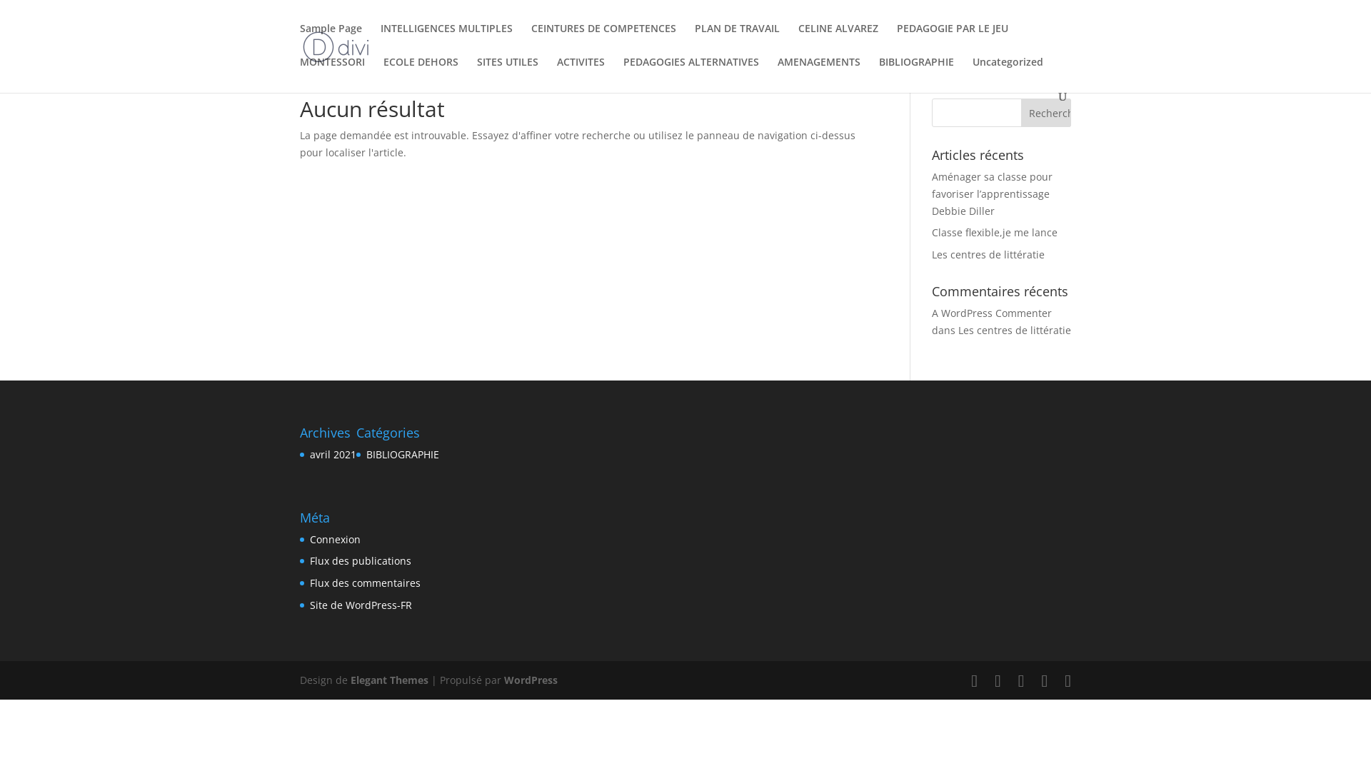  What do you see at coordinates (361, 605) in the screenshot?
I see `'Site de WordPress-FR'` at bounding box center [361, 605].